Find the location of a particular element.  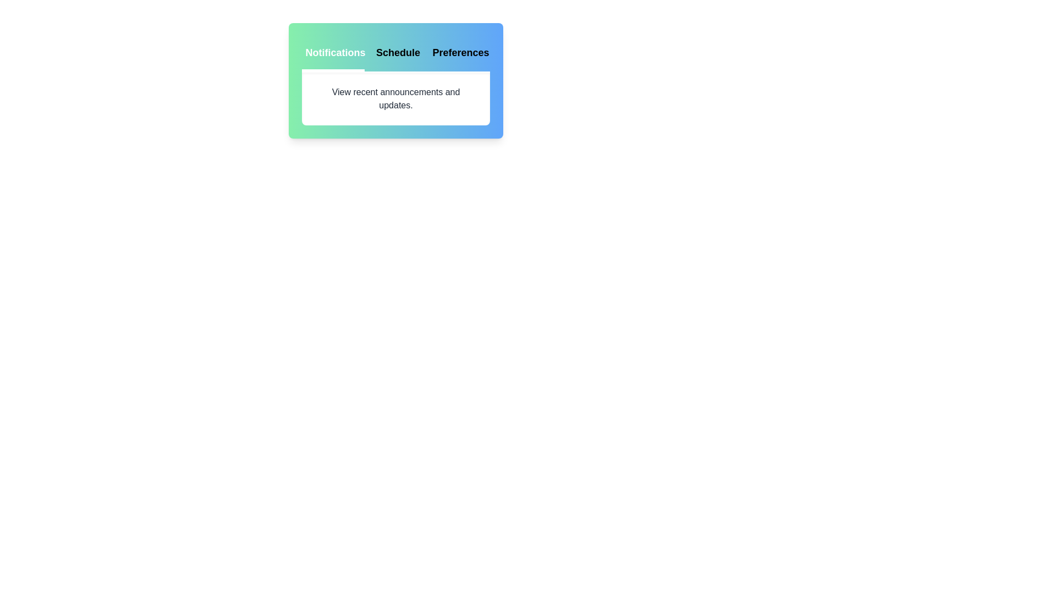

the tab labeled Schedule is located at coordinates (396, 53).